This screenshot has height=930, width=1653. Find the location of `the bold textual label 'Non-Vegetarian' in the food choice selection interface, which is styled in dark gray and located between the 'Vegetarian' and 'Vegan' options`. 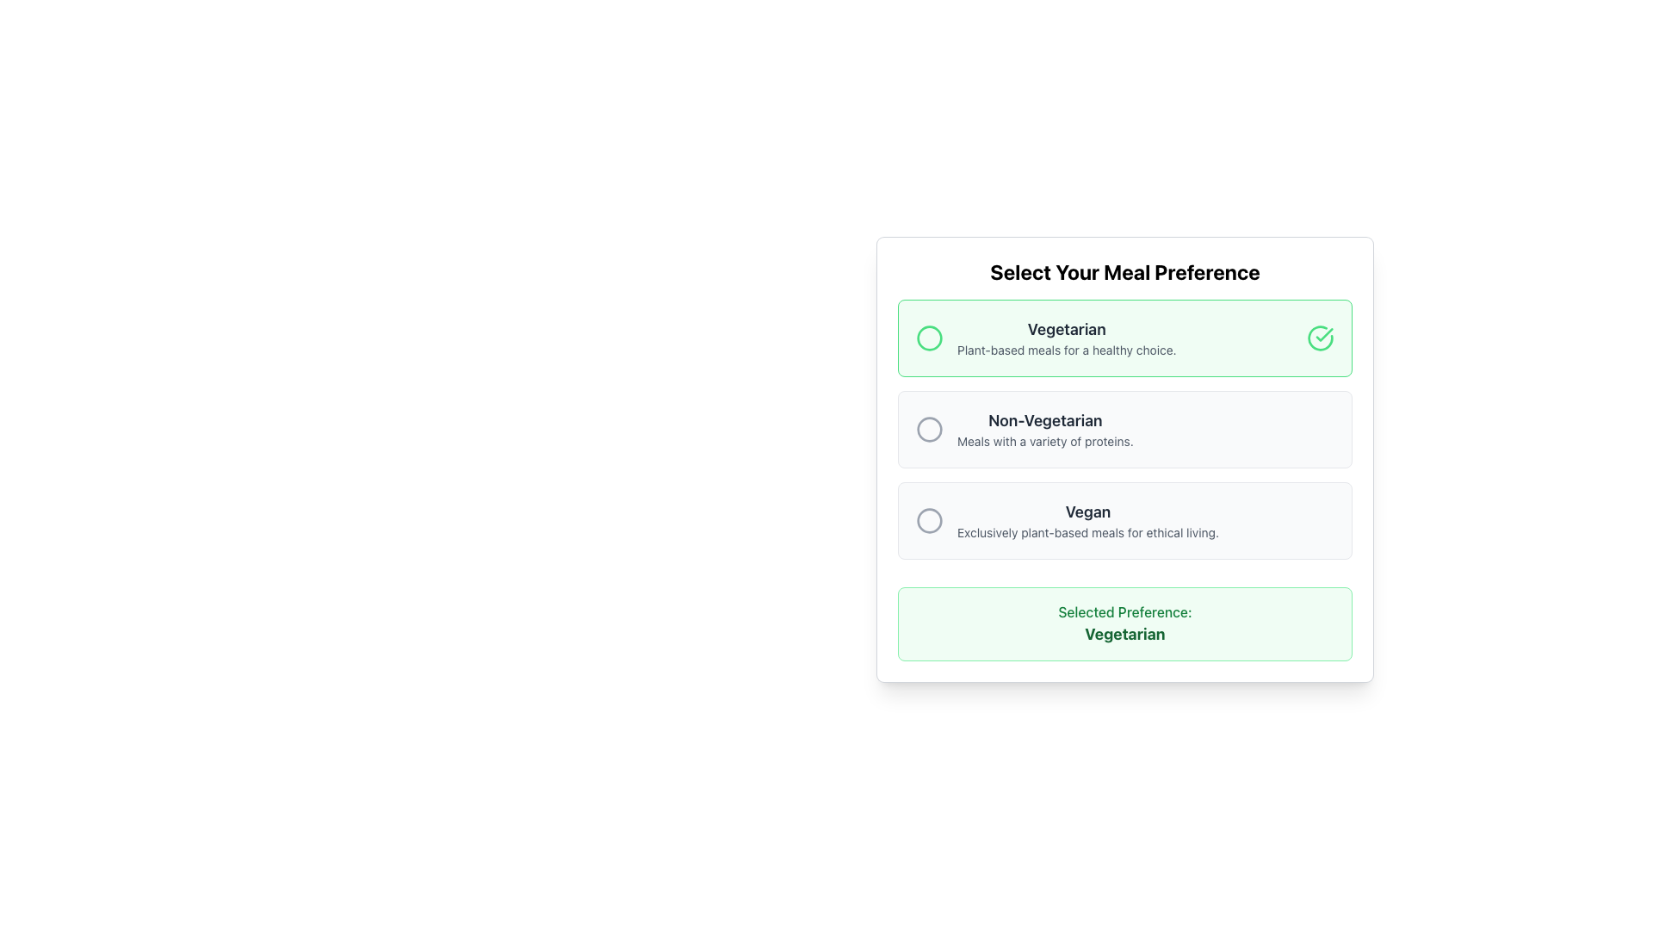

the bold textual label 'Non-Vegetarian' in the food choice selection interface, which is styled in dark gray and located between the 'Vegetarian' and 'Vegan' options is located at coordinates (1044, 421).